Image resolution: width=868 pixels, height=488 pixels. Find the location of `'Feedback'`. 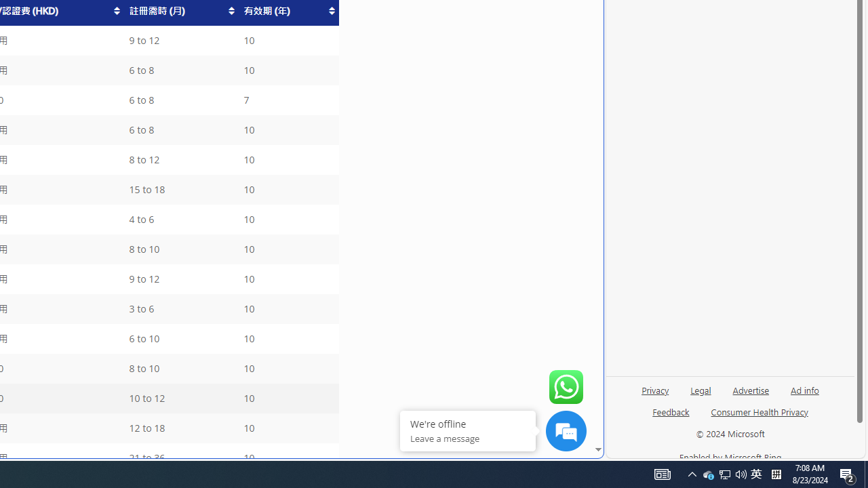

'Feedback' is located at coordinates (671, 416).